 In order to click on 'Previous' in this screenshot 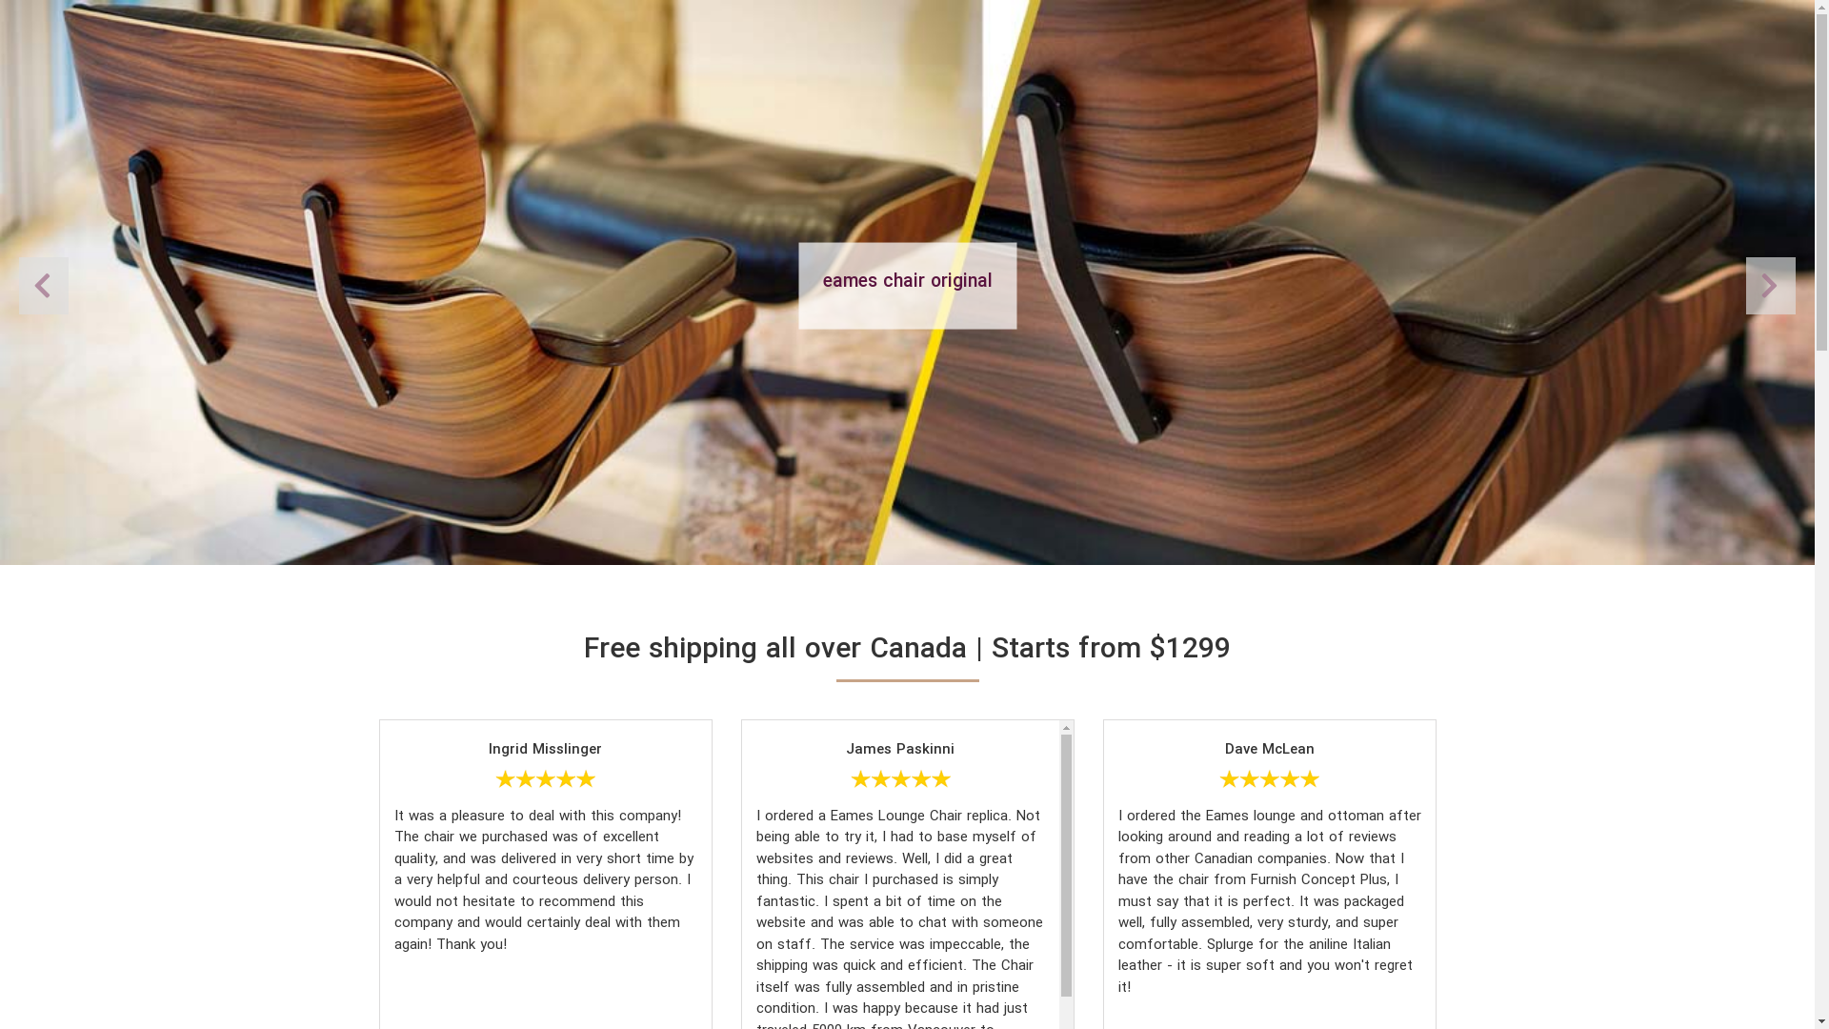, I will do `click(1769, 286)`.